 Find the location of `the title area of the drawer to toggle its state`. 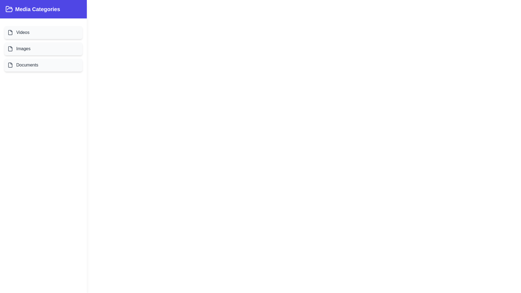

the title area of the drawer to toggle its state is located at coordinates (43, 9).